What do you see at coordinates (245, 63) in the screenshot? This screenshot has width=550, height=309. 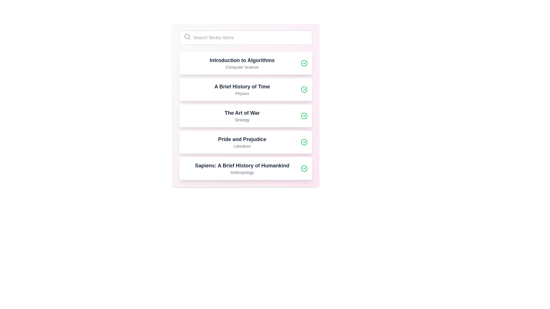 I see `the first list item titled 'Introduction to Algorithms' which has a green checkmark icon` at bounding box center [245, 63].